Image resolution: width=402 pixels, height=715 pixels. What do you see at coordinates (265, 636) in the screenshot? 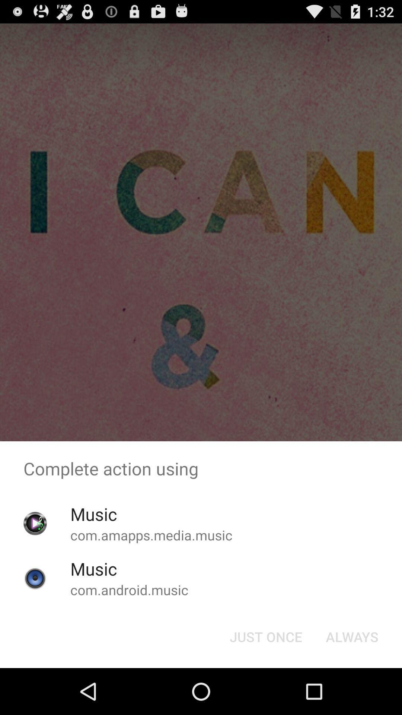
I see `item next to the always item` at bounding box center [265, 636].